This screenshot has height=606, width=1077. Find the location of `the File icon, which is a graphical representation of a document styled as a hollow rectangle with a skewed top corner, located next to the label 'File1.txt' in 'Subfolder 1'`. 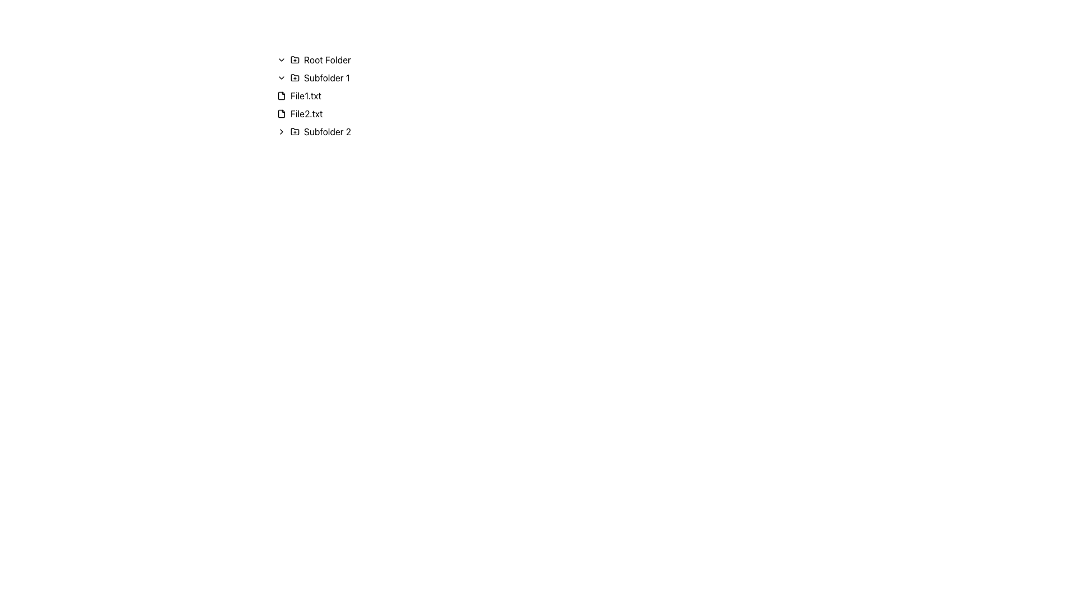

the File icon, which is a graphical representation of a document styled as a hollow rectangle with a skewed top corner, located next to the label 'File1.txt' in 'Subfolder 1' is located at coordinates (282, 95).